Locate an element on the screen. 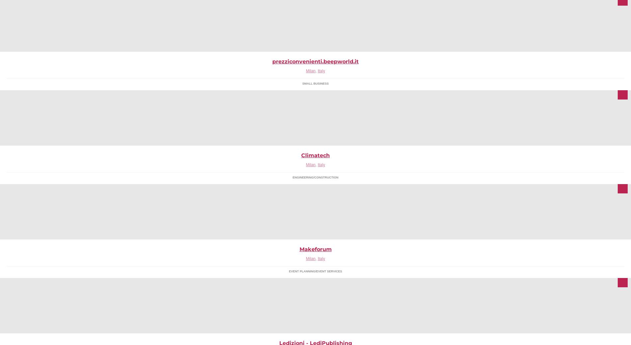 This screenshot has height=345, width=631. 'Makeforum' is located at coordinates (315, 249).